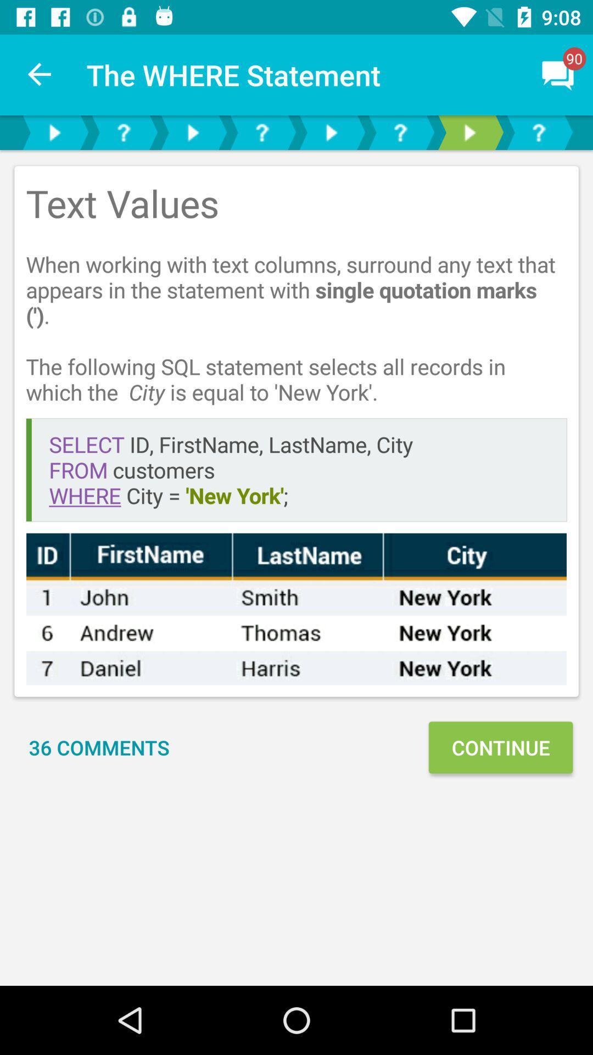 The width and height of the screenshot is (593, 1055). Describe the element at coordinates (54, 132) in the screenshot. I see `next` at that location.